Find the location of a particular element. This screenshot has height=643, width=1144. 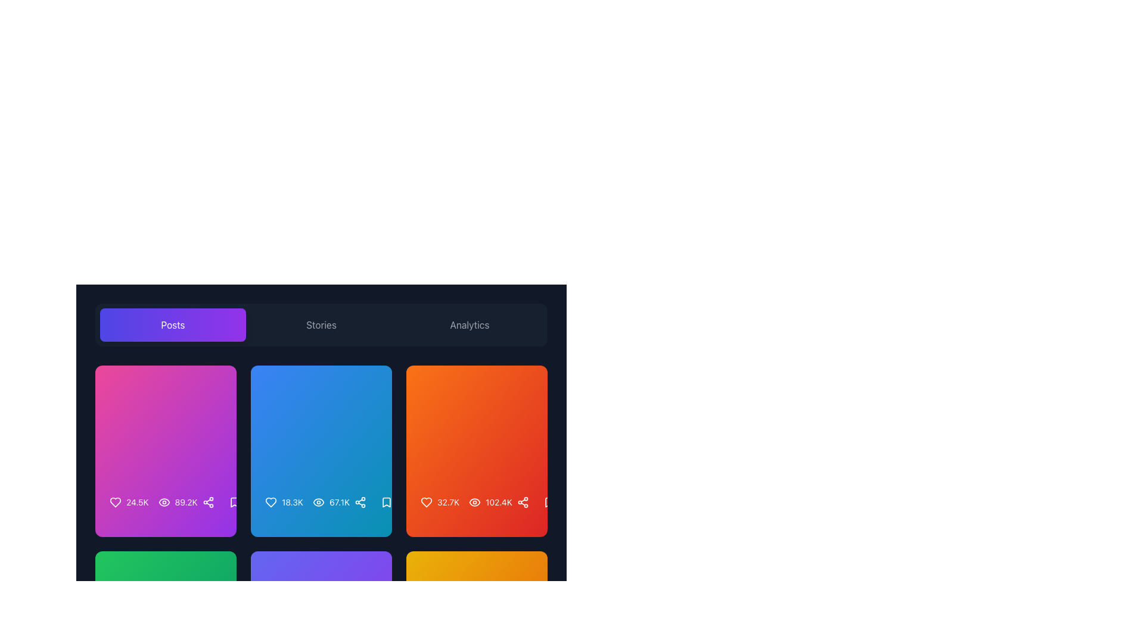

the numeric display text label that shows the number of views or followers, located within a purple card in the first column of a grid layout, specifically the third item in a horizontal group of elements is located at coordinates (185, 502).